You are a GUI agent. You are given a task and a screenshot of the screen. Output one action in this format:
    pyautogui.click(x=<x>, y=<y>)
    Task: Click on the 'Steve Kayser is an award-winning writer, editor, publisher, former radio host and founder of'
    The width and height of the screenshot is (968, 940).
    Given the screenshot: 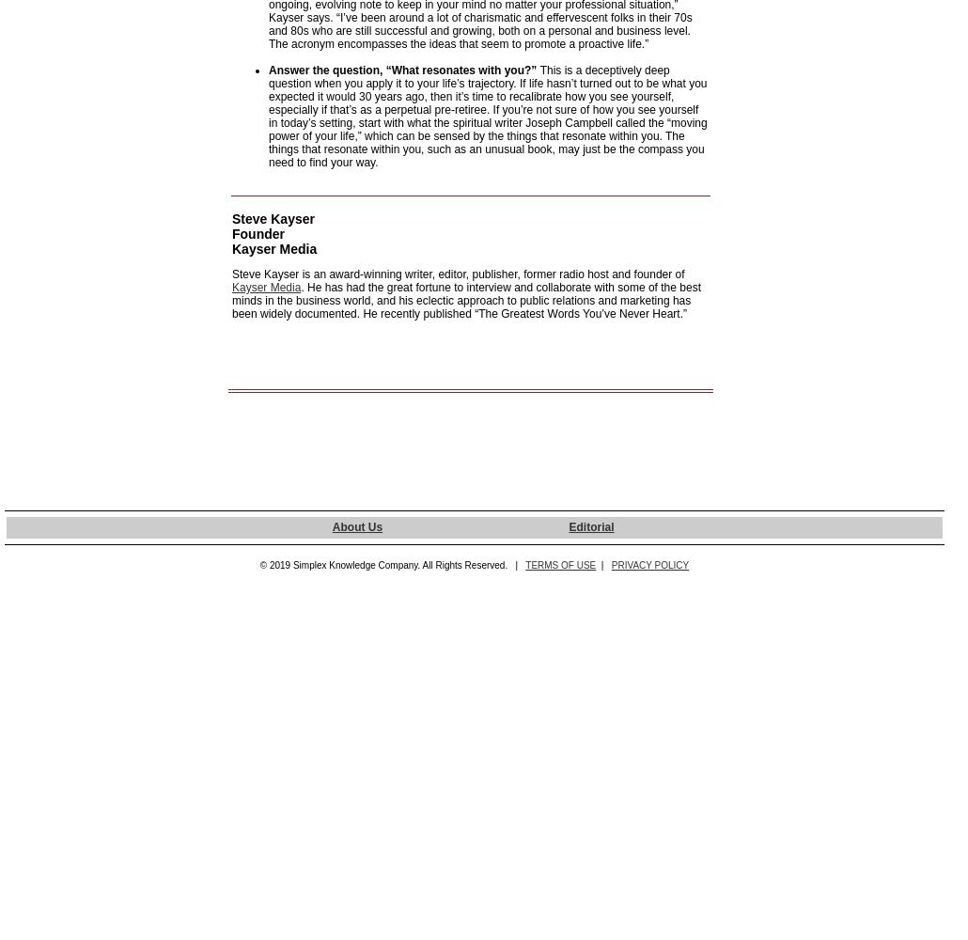 What is the action you would take?
    pyautogui.click(x=457, y=274)
    